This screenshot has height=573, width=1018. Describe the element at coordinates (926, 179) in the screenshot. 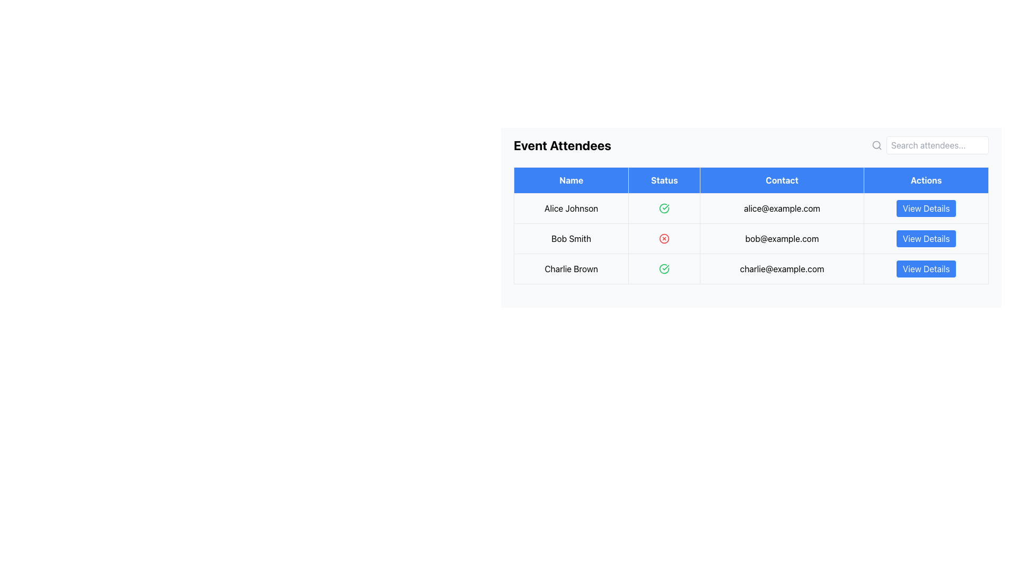

I see `the 'Actions' column header text label in the table, which categorizes the type of data displayed below` at that location.